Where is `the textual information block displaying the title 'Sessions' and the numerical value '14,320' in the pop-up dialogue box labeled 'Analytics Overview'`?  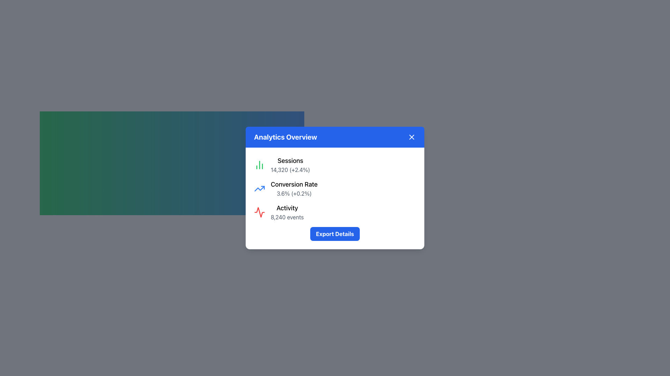
the textual information block displaying the title 'Sessions' and the numerical value '14,320' in the pop-up dialogue box labeled 'Analytics Overview' is located at coordinates (290, 165).